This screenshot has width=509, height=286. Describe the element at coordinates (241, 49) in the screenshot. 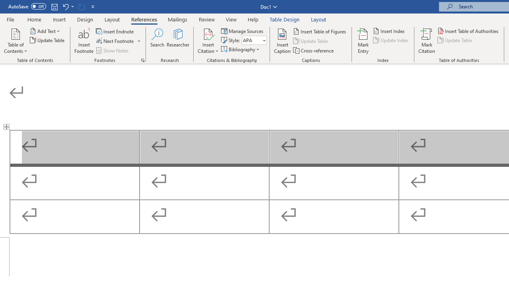

I see `'Bibliography'` at that location.